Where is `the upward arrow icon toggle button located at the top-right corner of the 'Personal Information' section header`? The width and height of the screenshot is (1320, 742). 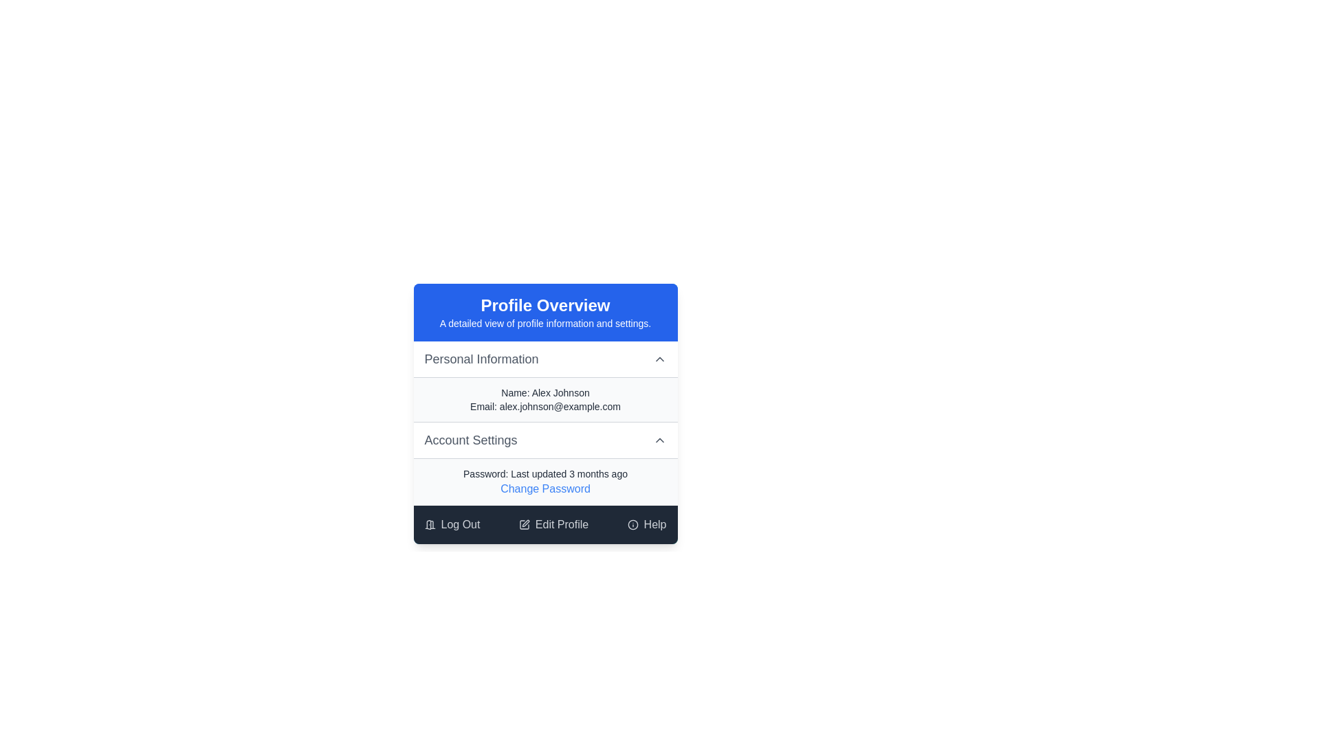 the upward arrow icon toggle button located at the top-right corner of the 'Personal Information' section header is located at coordinates (659, 359).